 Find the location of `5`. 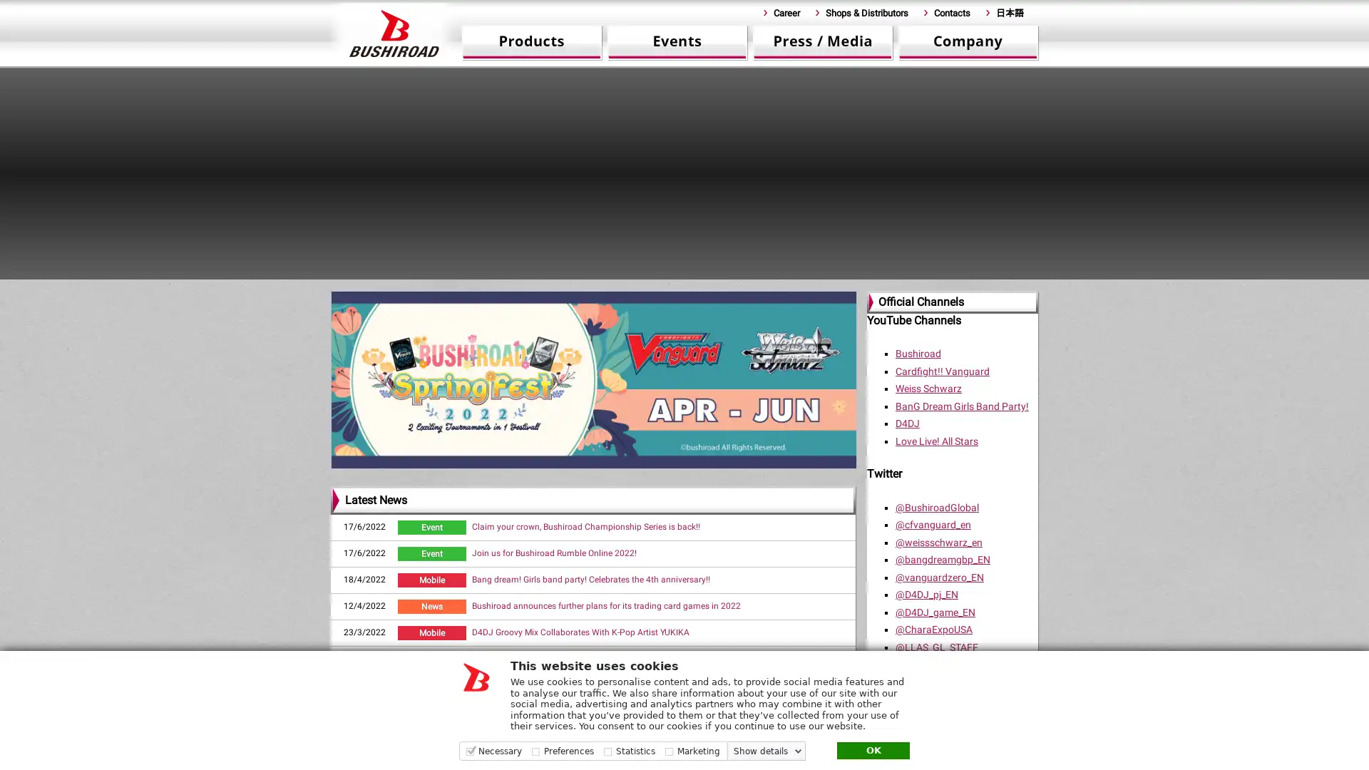

5 is located at coordinates (609, 274).